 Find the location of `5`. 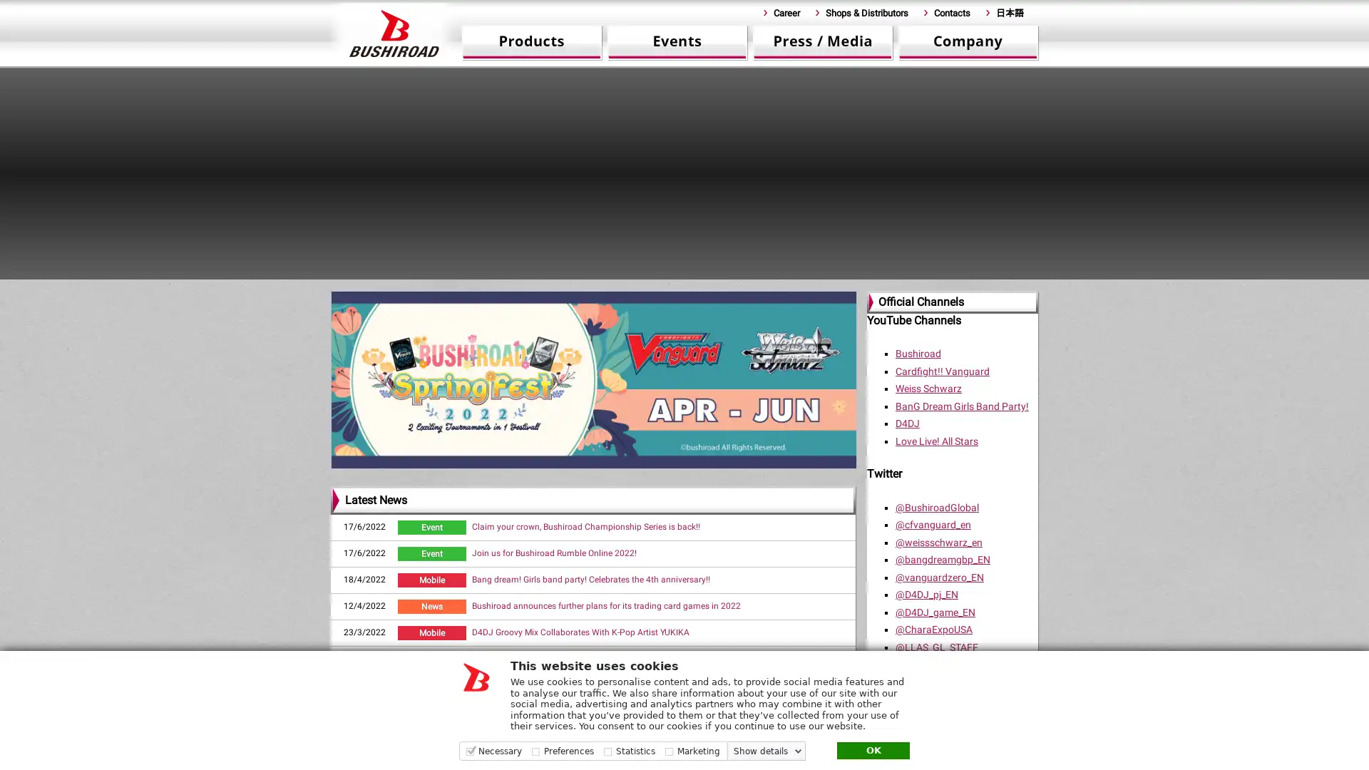

5 is located at coordinates (609, 274).